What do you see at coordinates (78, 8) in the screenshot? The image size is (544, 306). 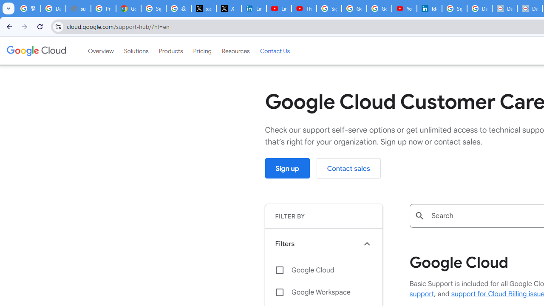 I see `'support.google.com - Network error'` at bounding box center [78, 8].